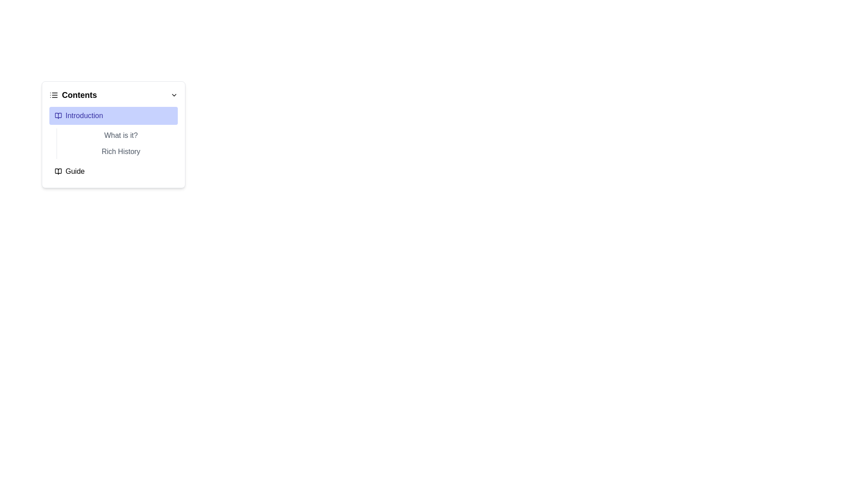 This screenshot has height=485, width=862. I want to click on the navigational button styled as a hyperlink located at the top of the list, which redirects to the 'Introduction' section, so click(113, 115).